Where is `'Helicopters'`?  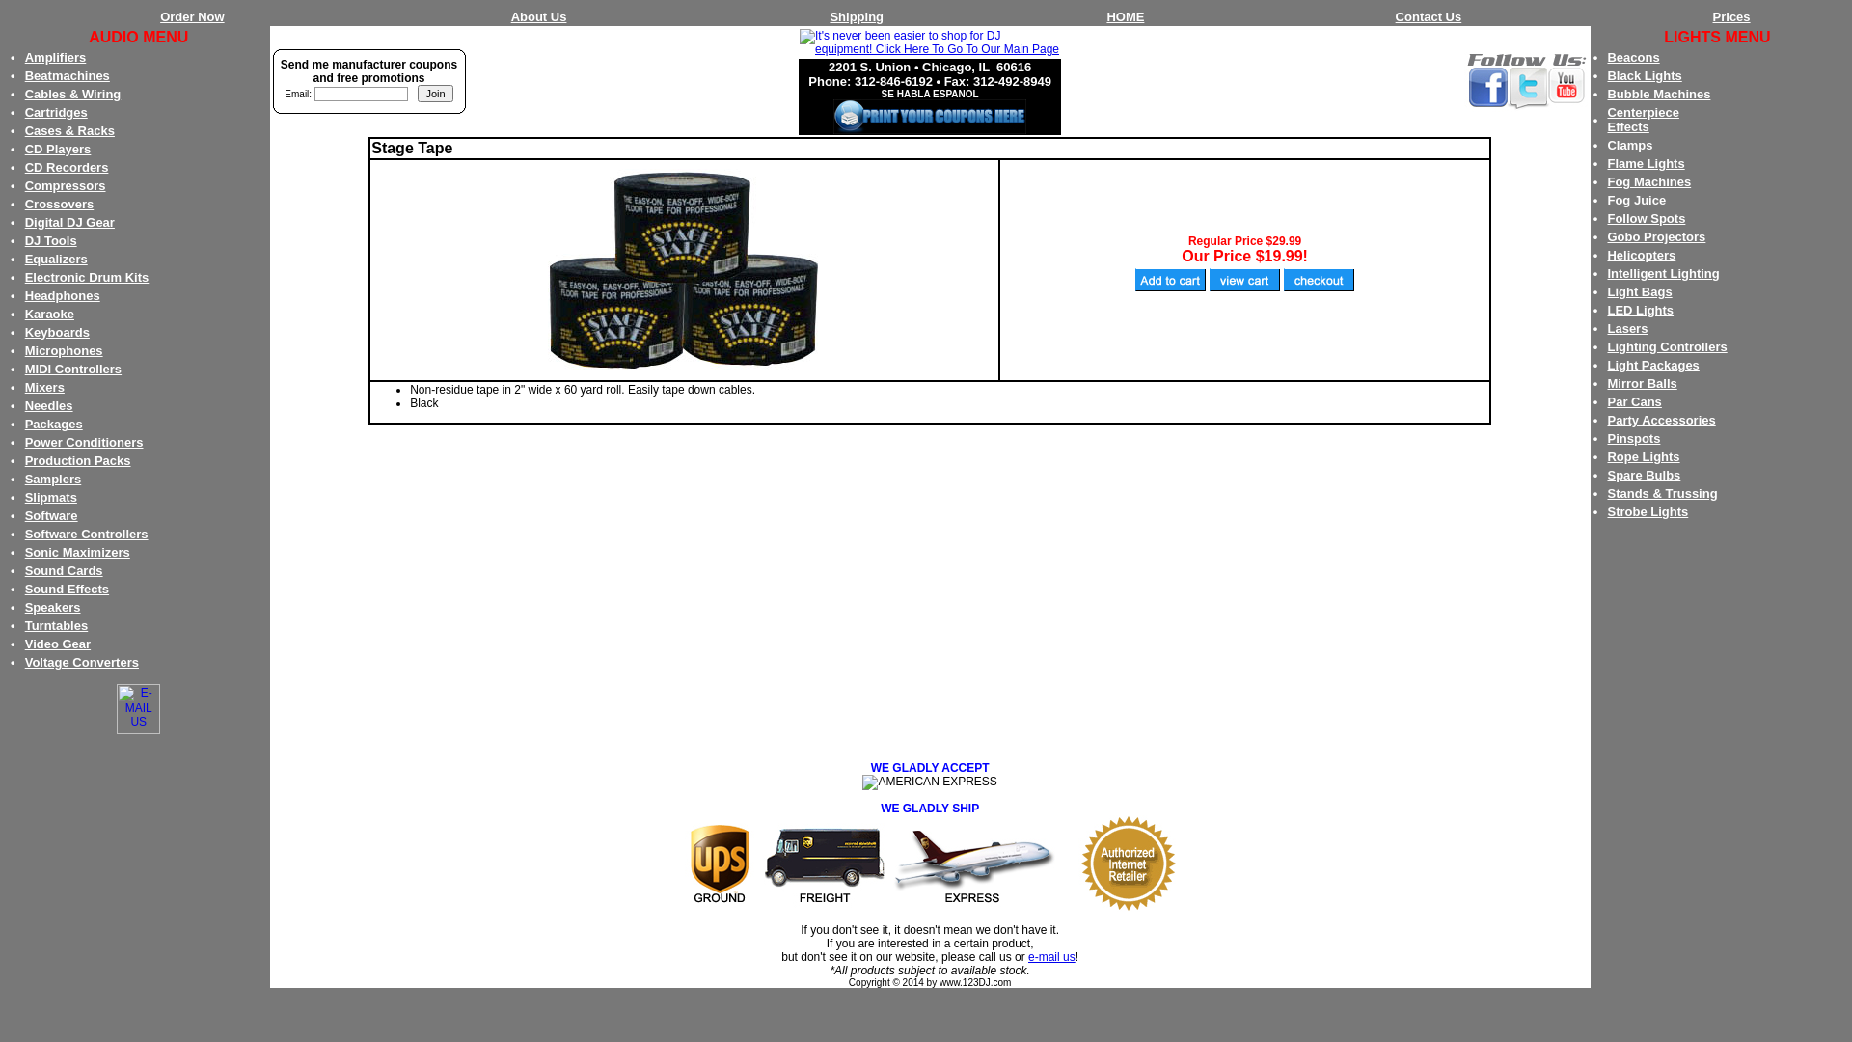 'Helicopters' is located at coordinates (1640, 254).